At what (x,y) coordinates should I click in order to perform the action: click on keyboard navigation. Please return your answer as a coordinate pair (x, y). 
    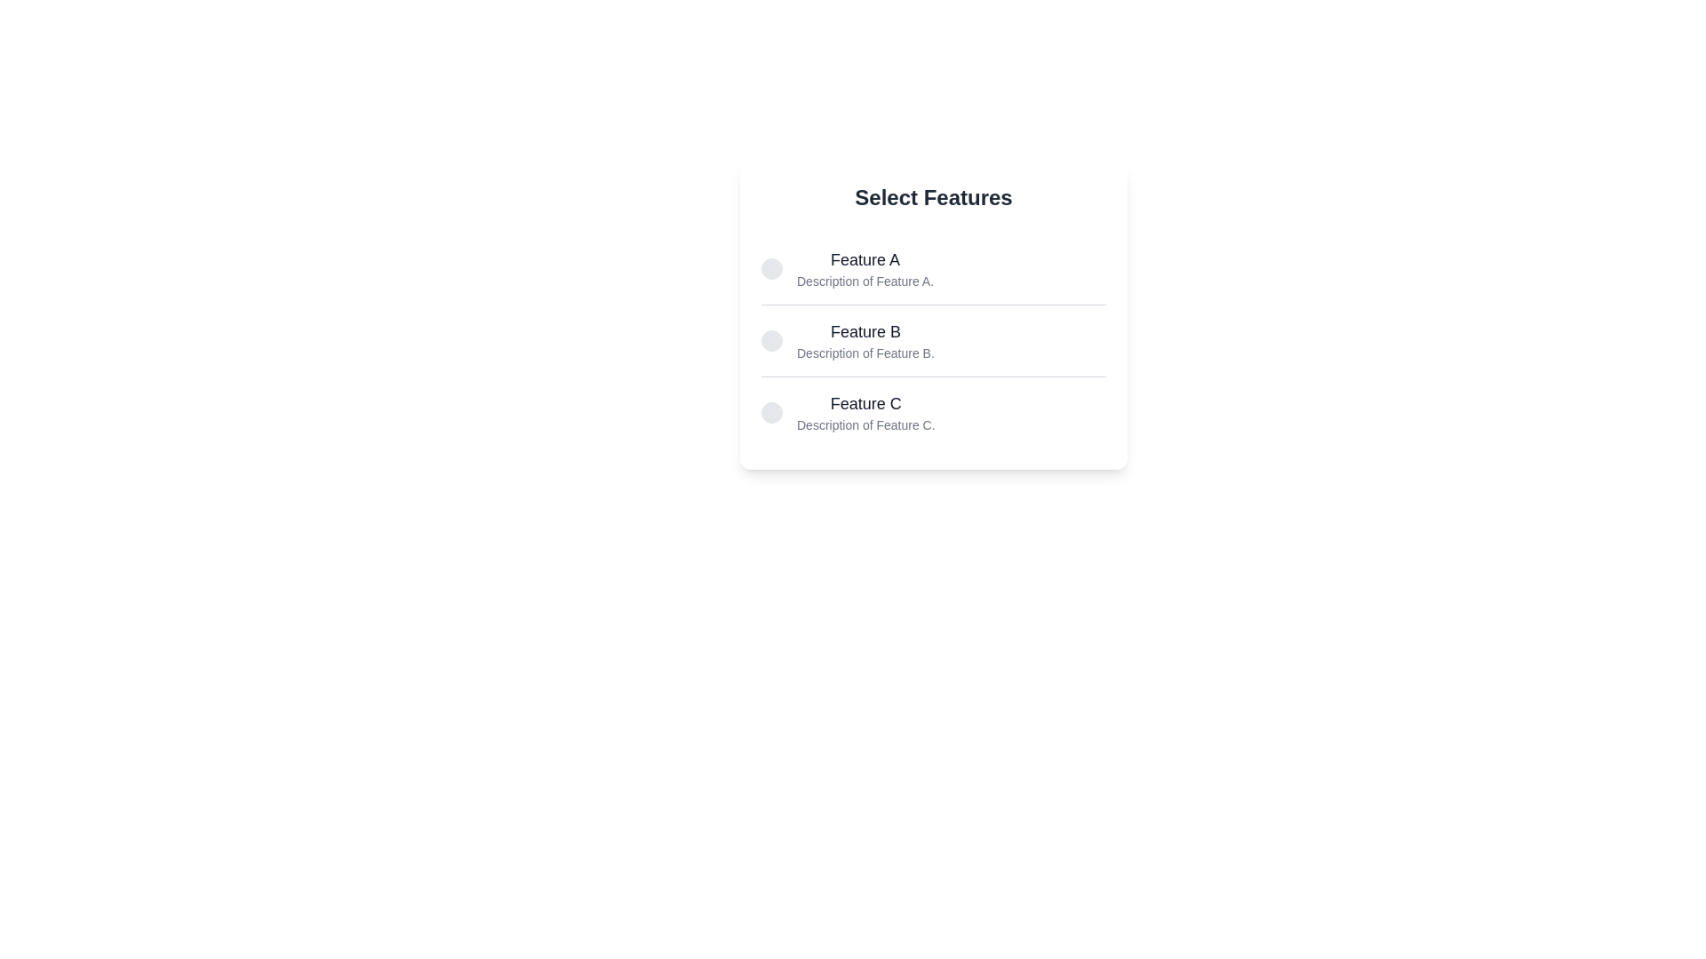
    Looking at the image, I should click on (865, 332).